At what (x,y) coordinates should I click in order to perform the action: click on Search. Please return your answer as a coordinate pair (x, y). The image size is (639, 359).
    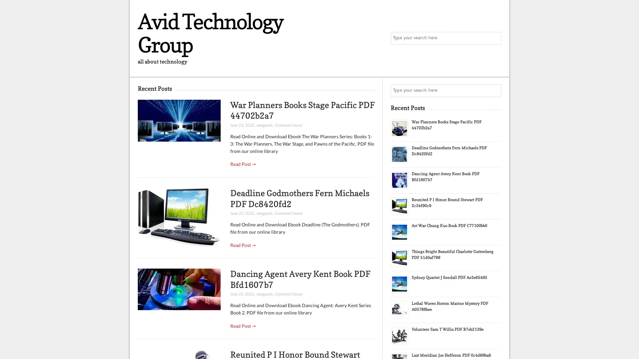
    Looking at the image, I should click on (494, 91).